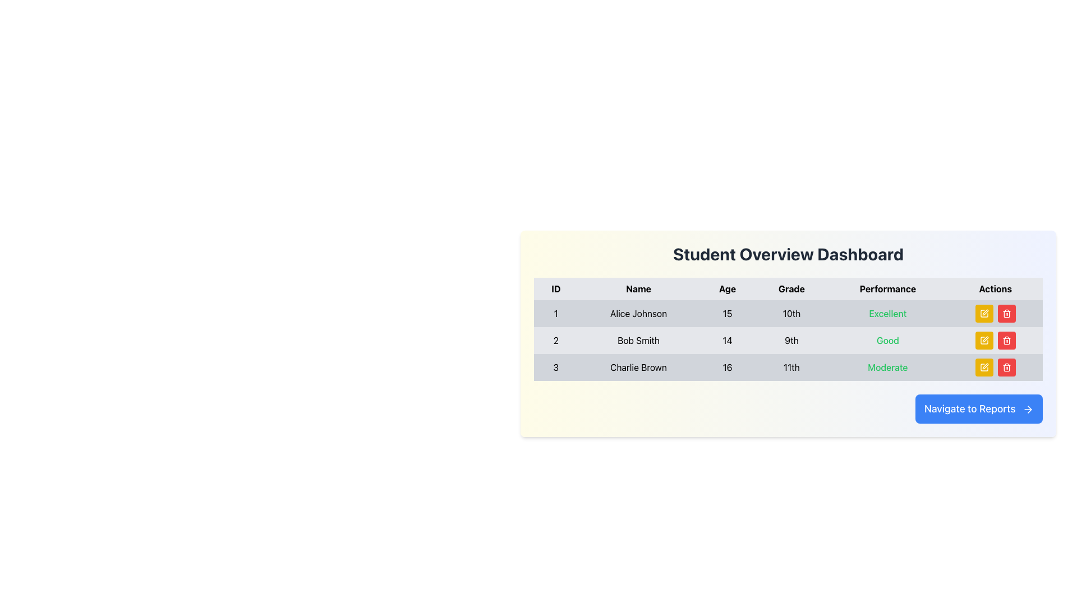 This screenshot has width=1077, height=606. Describe the element at coordinates (983, 368) in the screenshot. I see `the edit icon button with a yellow background and a pen symbol in the 'Actions' column of the third row in the 'Student Overview Dashboard' table` at that location.